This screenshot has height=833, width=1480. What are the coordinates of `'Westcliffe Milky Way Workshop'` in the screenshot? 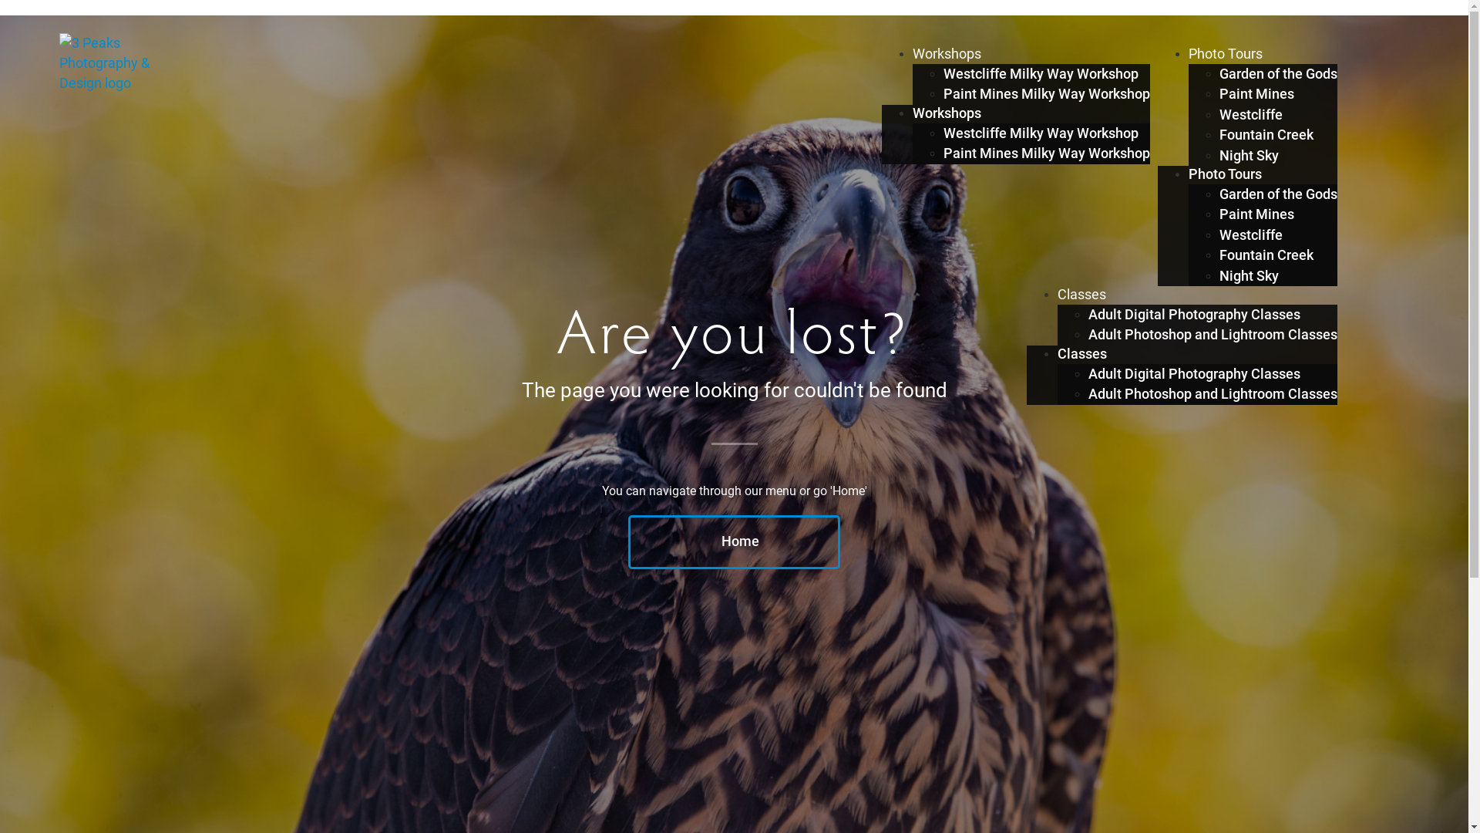 It's located at (1041, 133).